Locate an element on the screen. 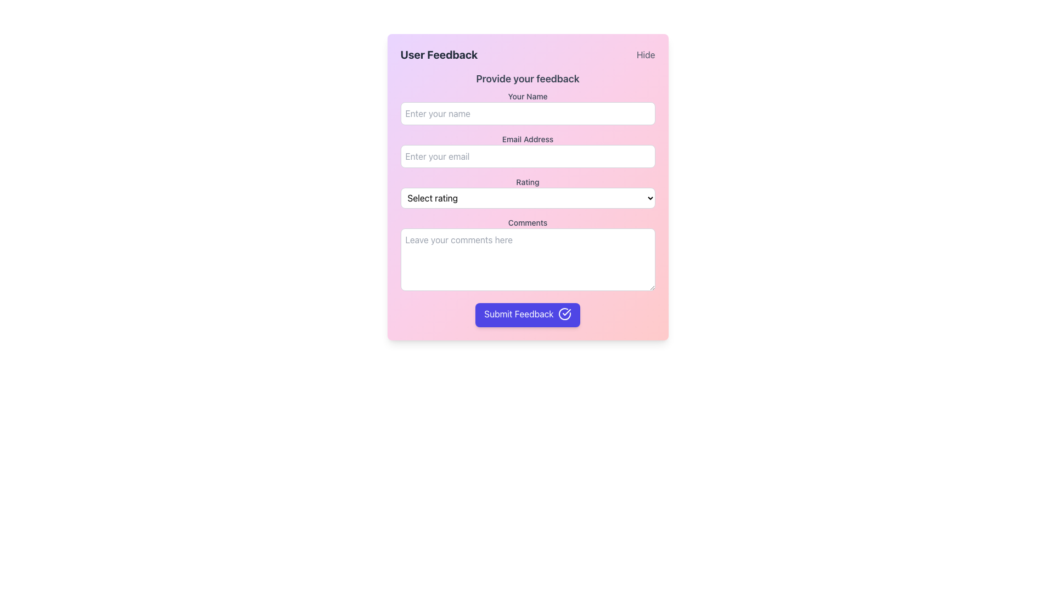 The height and width of the screenshot is (593, 1054). the text input field with placeholder 'Enter your name', located below the label 'Your Name' in the upper section of the form is located at coordinates (528, 114).